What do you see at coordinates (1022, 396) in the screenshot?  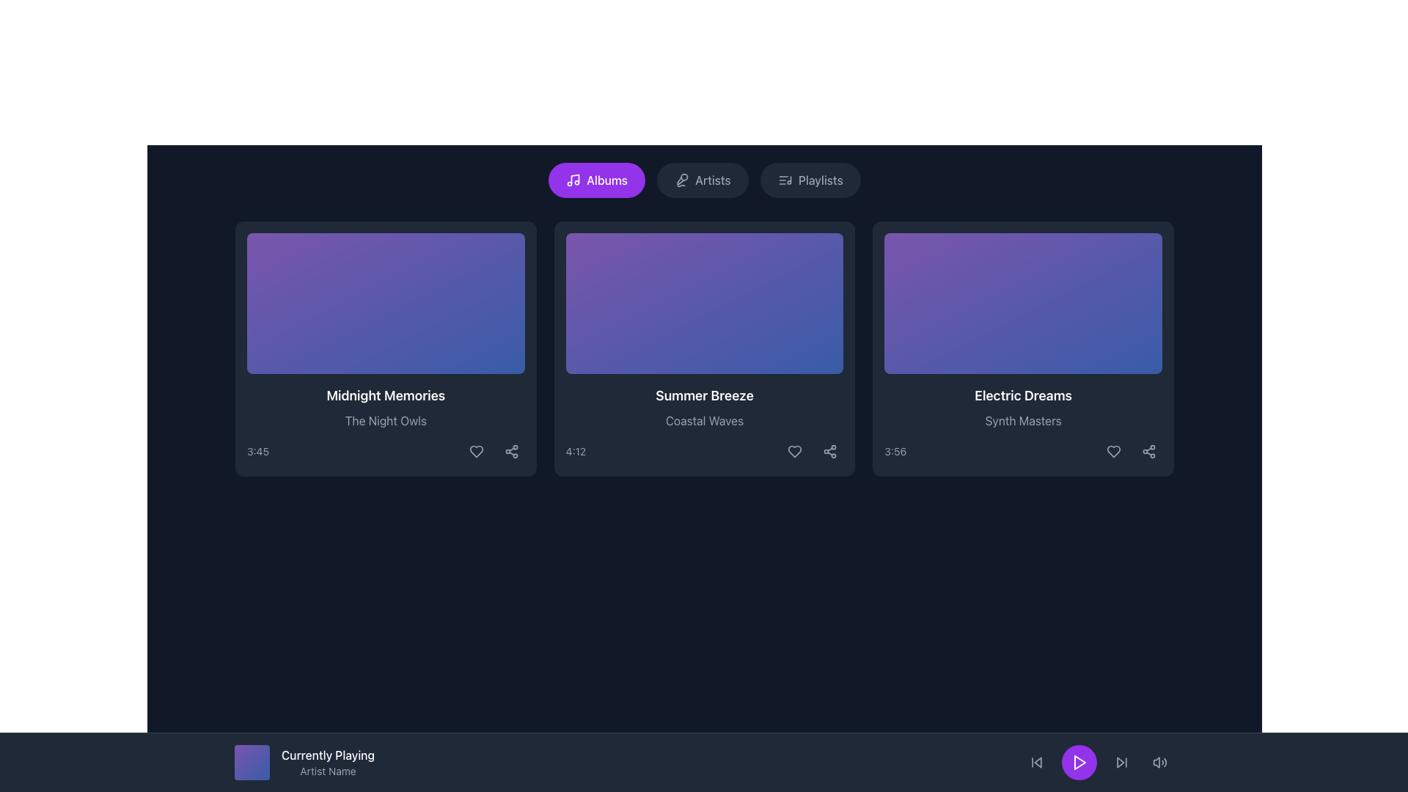 I see `or read the text label that serves as the title for the musical track or album, located in the bottom section of the card in the third column, above 'Synth Masters'` at bounding box center [1022, 396].